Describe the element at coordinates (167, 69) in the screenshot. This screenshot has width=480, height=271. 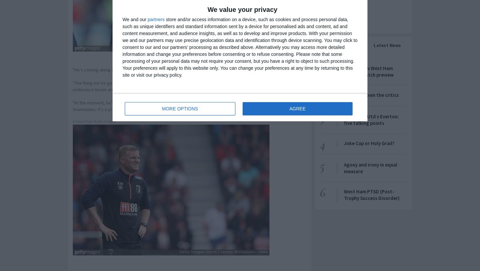
I see `'"He’s coming along well," Howe told Bournemouth's website. "He’s had a good week in training.'` at that location.